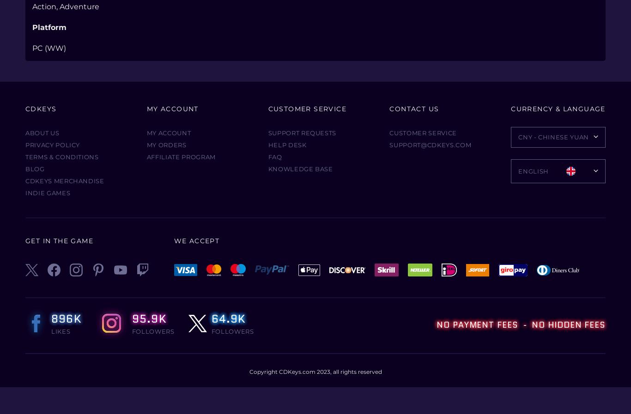  Describe the element at coordinates (42, 132) in the screenshot. I see `'About Us'` at that location.